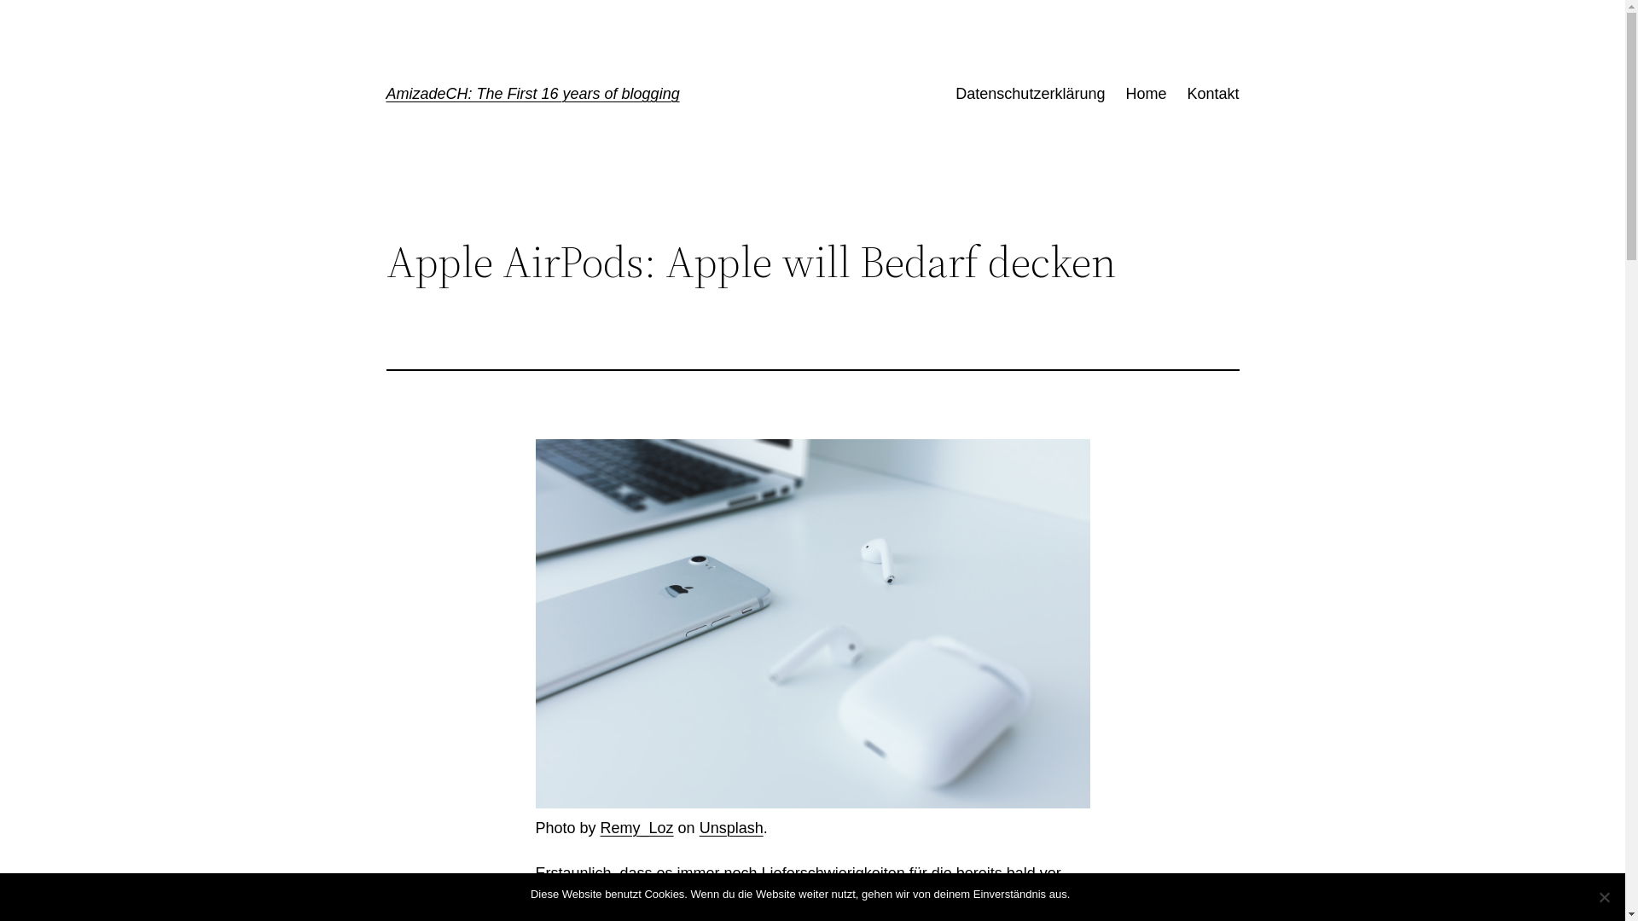  Describe the element at coordinates (731, 827) in the screenshot. I see `'Unsplash'` at that location.